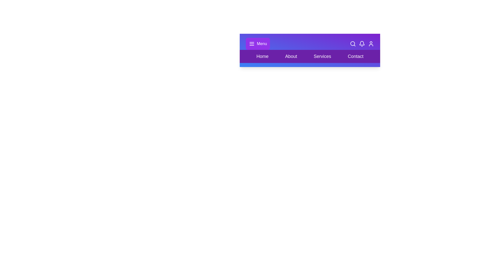 The width and height of the screenshot is (484, 272). What do you see at coordinates (322, 56) in the screenshot?
I see `the navigation option Services` at bounding box center [322, 56].